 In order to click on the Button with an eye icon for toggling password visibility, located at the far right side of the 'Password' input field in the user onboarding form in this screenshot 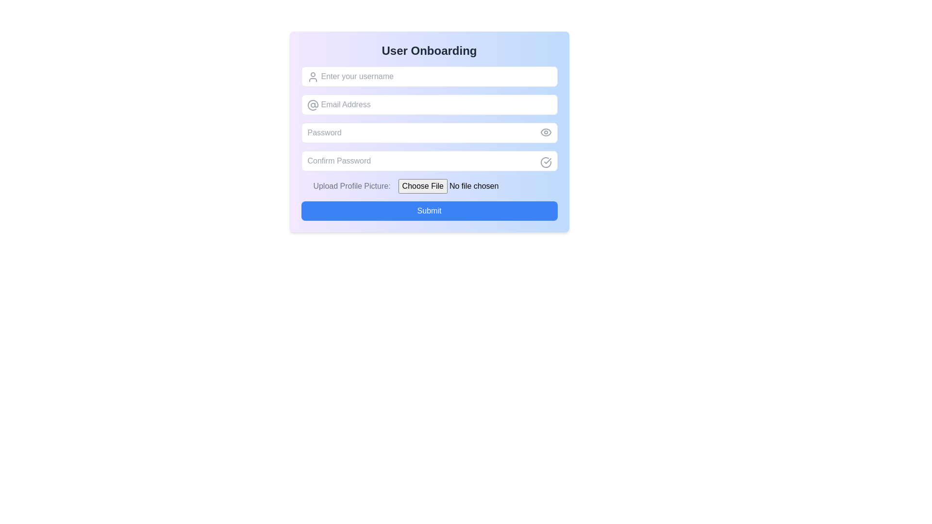, I will do `click(546, 132)`.